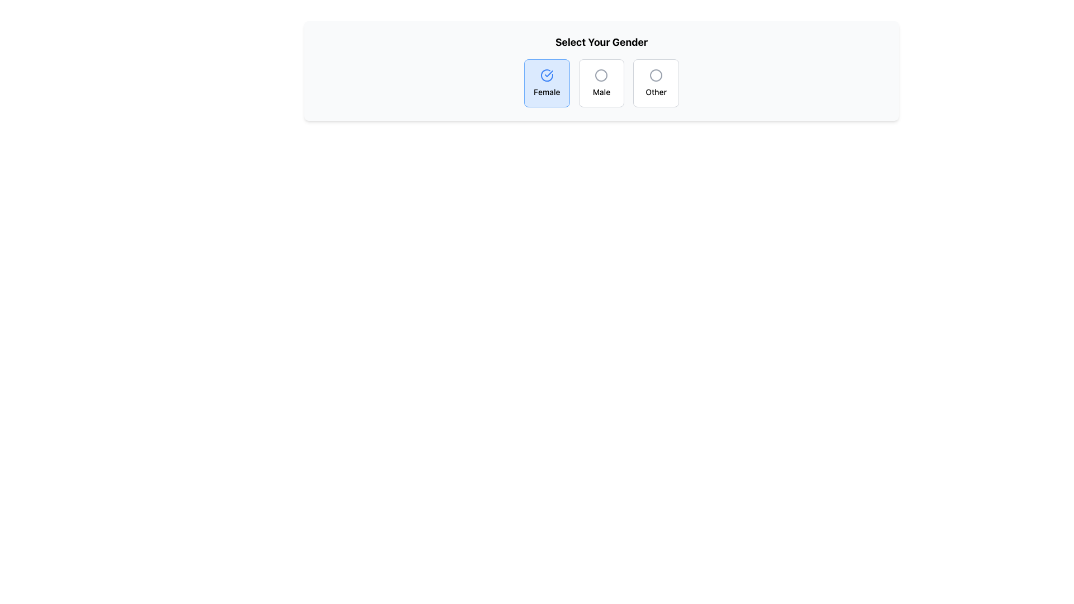 The image size is (1074, 604). I want to click on the visual state of the small blue checkmark icon within the circular boundary, which is part of the larger SVG structure in the 'Female' selection box, so click(549, 73).